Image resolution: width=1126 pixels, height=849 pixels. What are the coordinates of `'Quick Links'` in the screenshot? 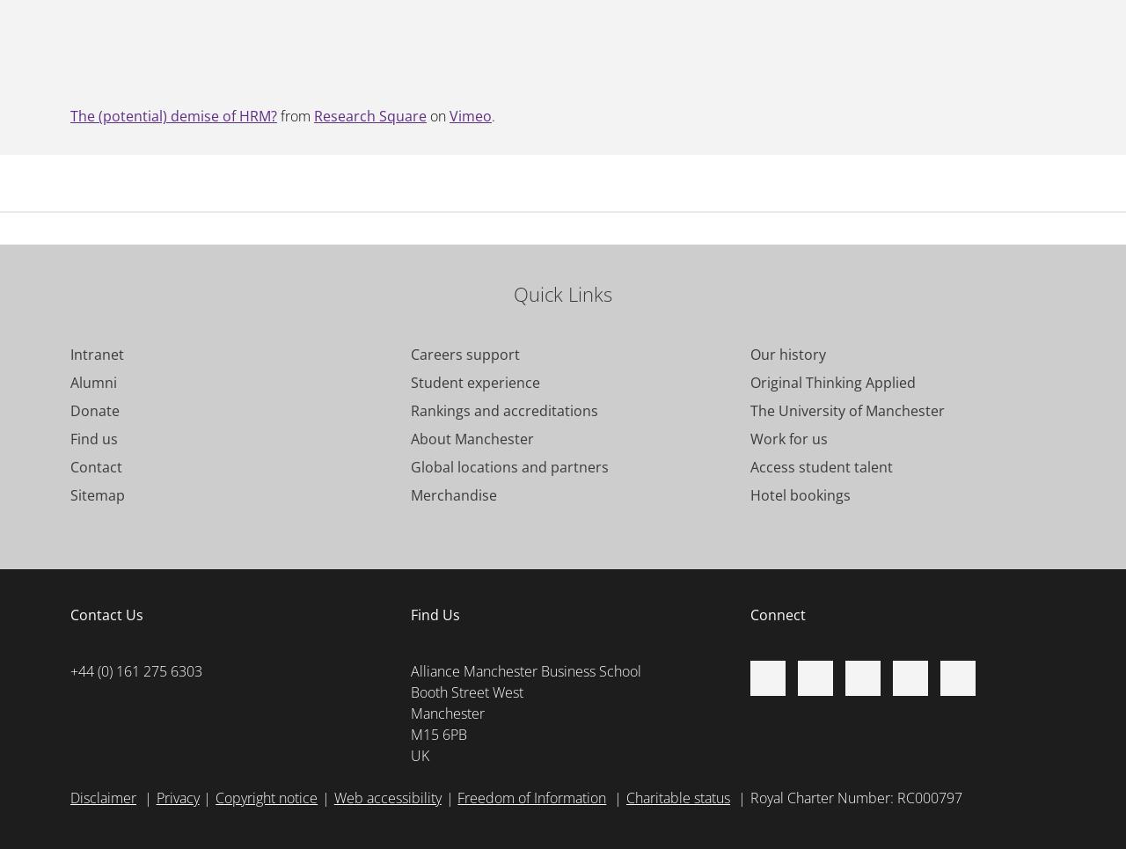 It's located at (512, 292).